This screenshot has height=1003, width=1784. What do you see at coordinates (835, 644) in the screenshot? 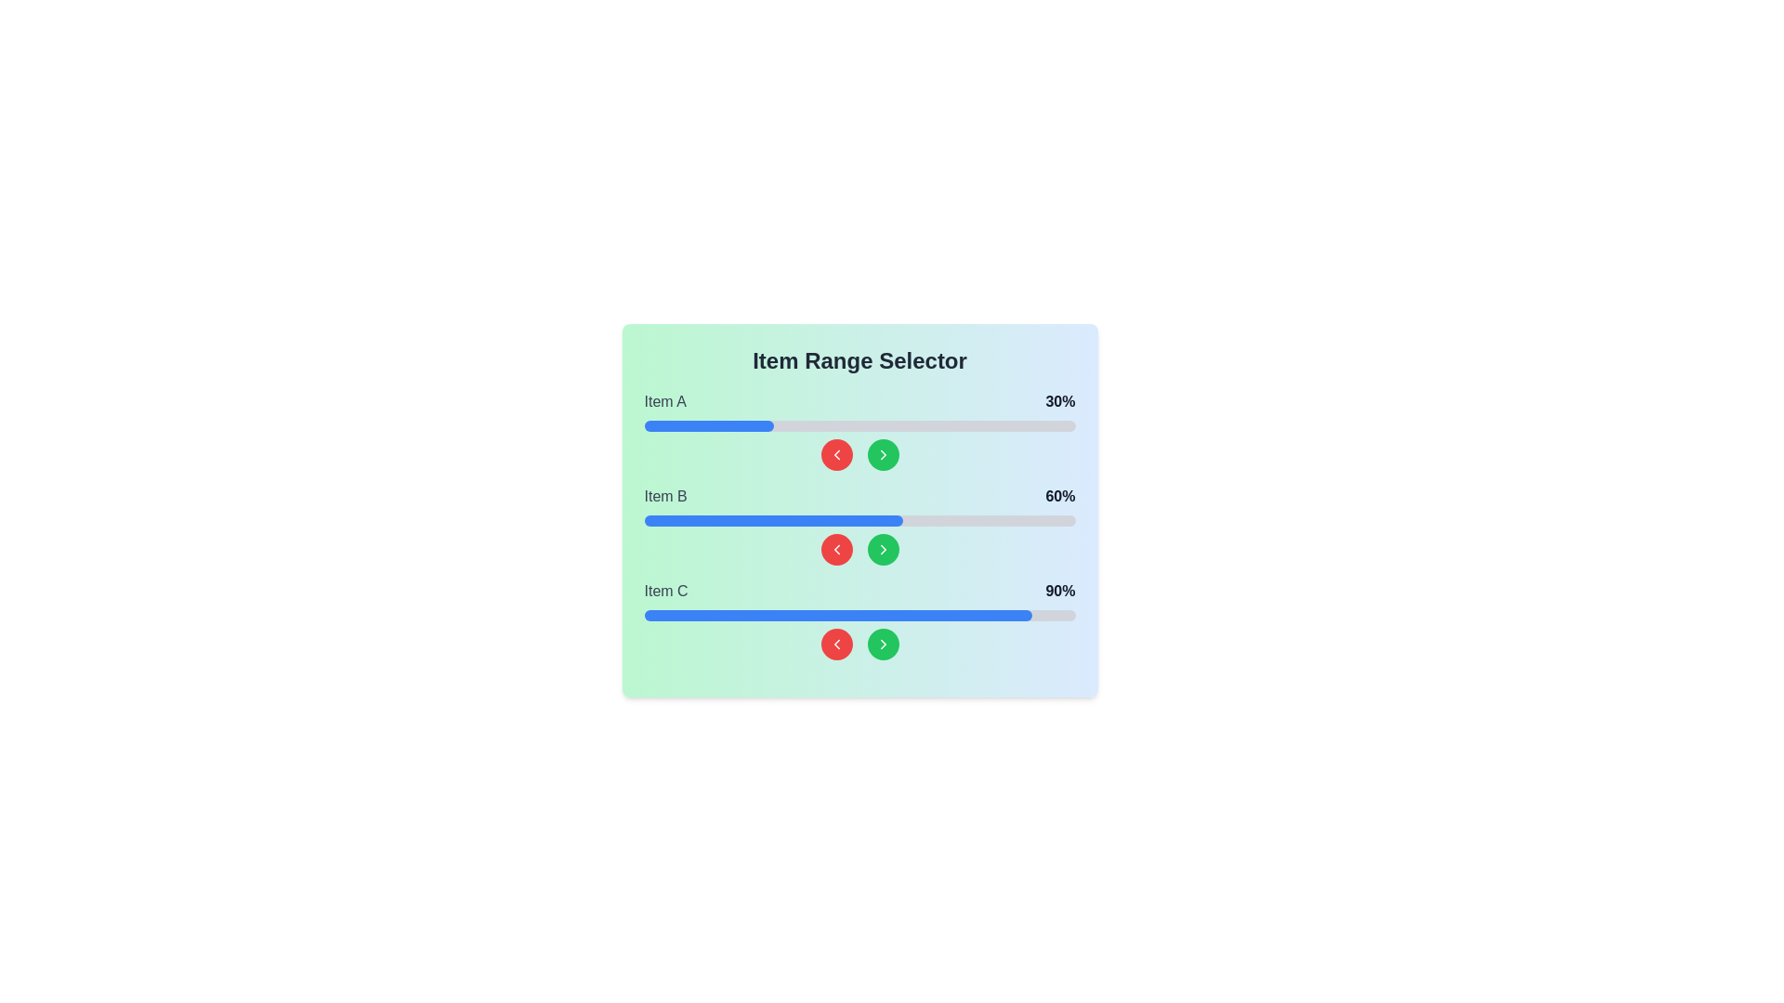
I see `the red circular button with a white chevron icon pointing to the left, located to the right of the progress bar labeled 'Item C', in the third row of the item list, to decrease the associated value` at bounding box center [835, 644].